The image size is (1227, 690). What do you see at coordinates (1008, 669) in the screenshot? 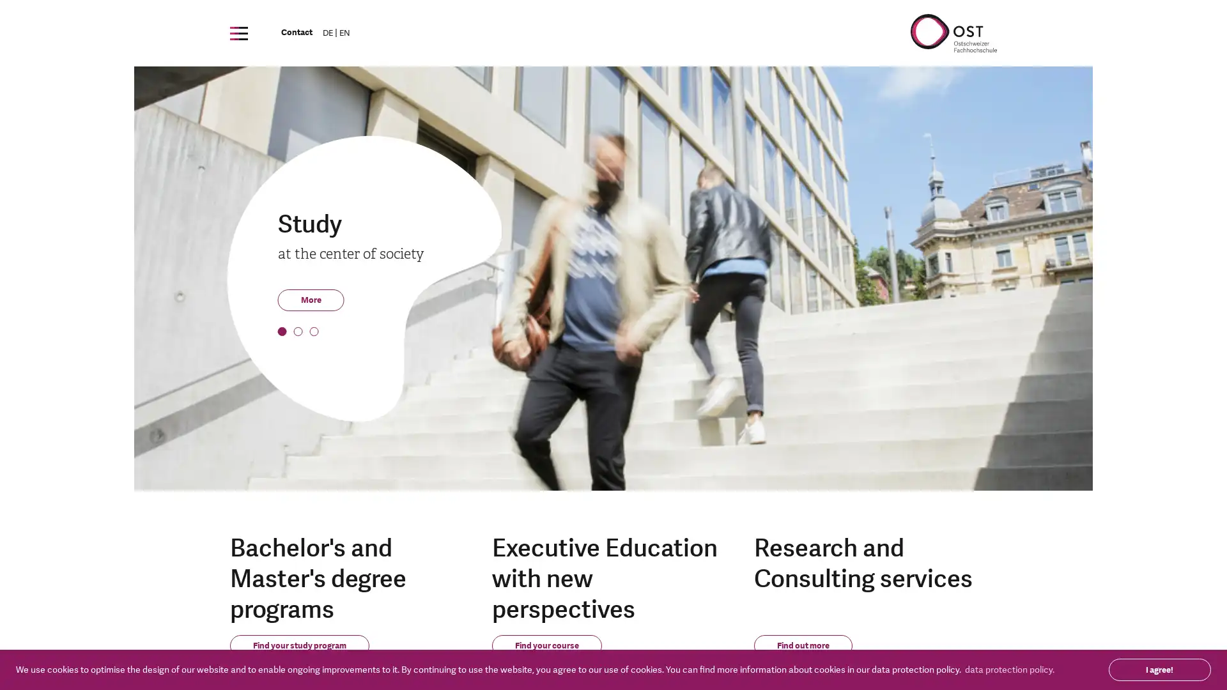
I see `learn more about cookies` at bounding box center [1008, 669].